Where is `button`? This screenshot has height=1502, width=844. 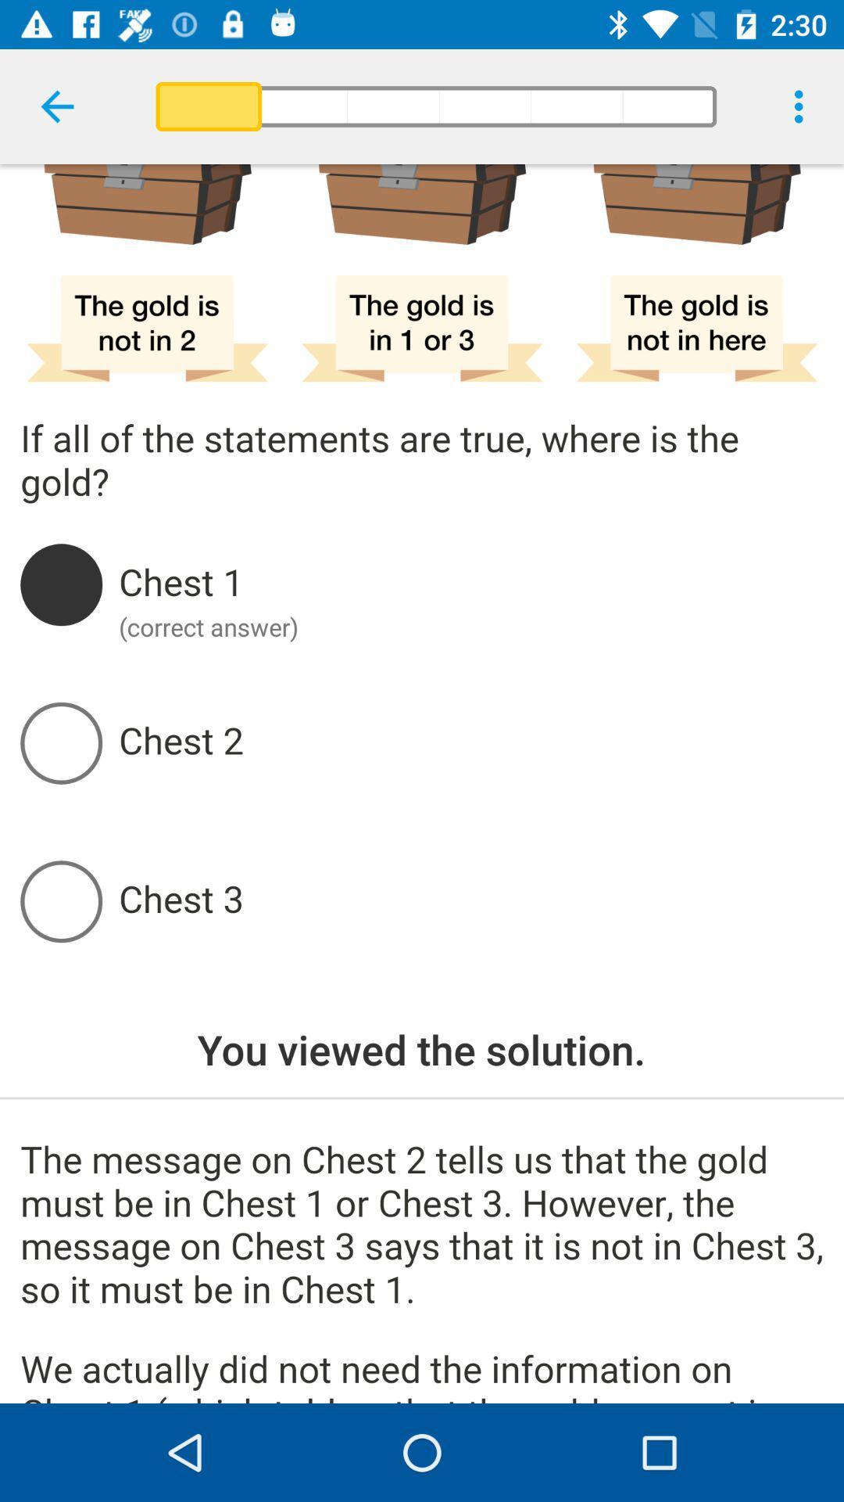
button is located at coordinates (470, 901).